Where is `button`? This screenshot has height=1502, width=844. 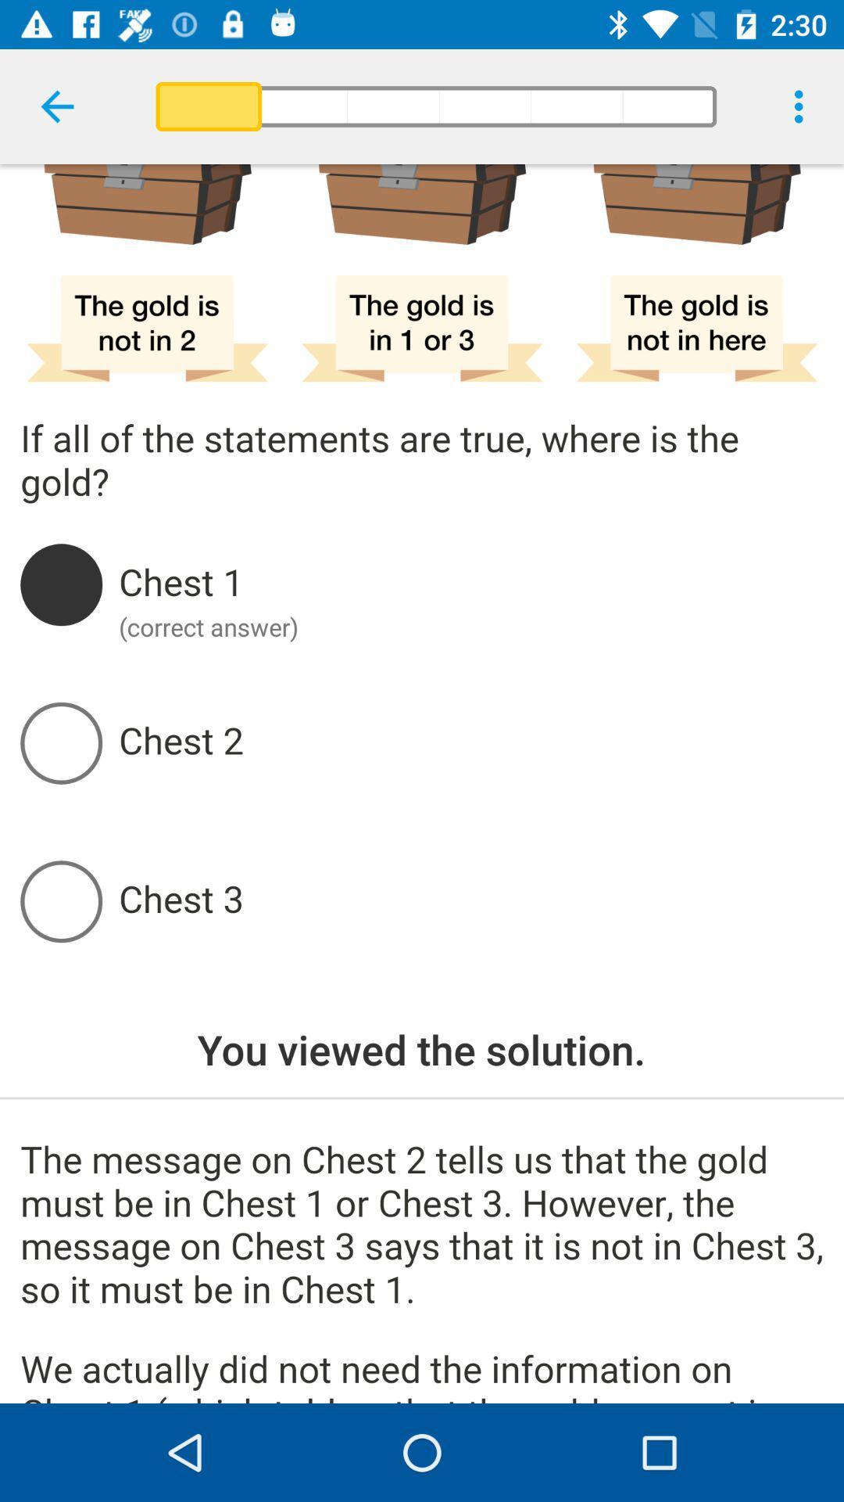
button is located at coordinates (470, 901).